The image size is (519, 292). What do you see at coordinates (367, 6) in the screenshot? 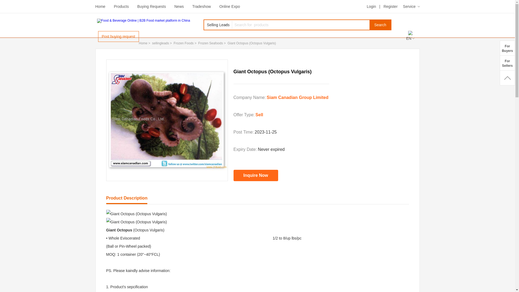
I see `'Login'` at bounding box center [367, 6].